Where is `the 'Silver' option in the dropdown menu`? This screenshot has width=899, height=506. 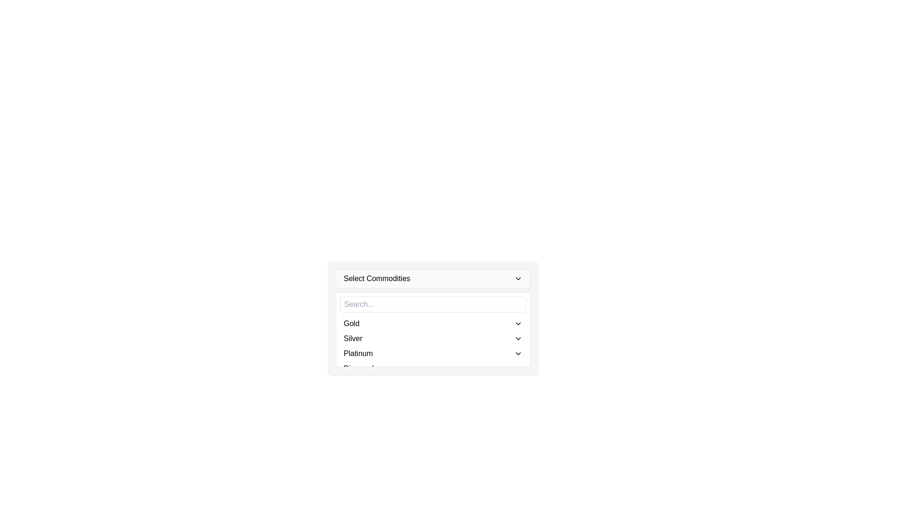 the 'Silver' option in the dropdown menu is located at coordinates (433, 338).